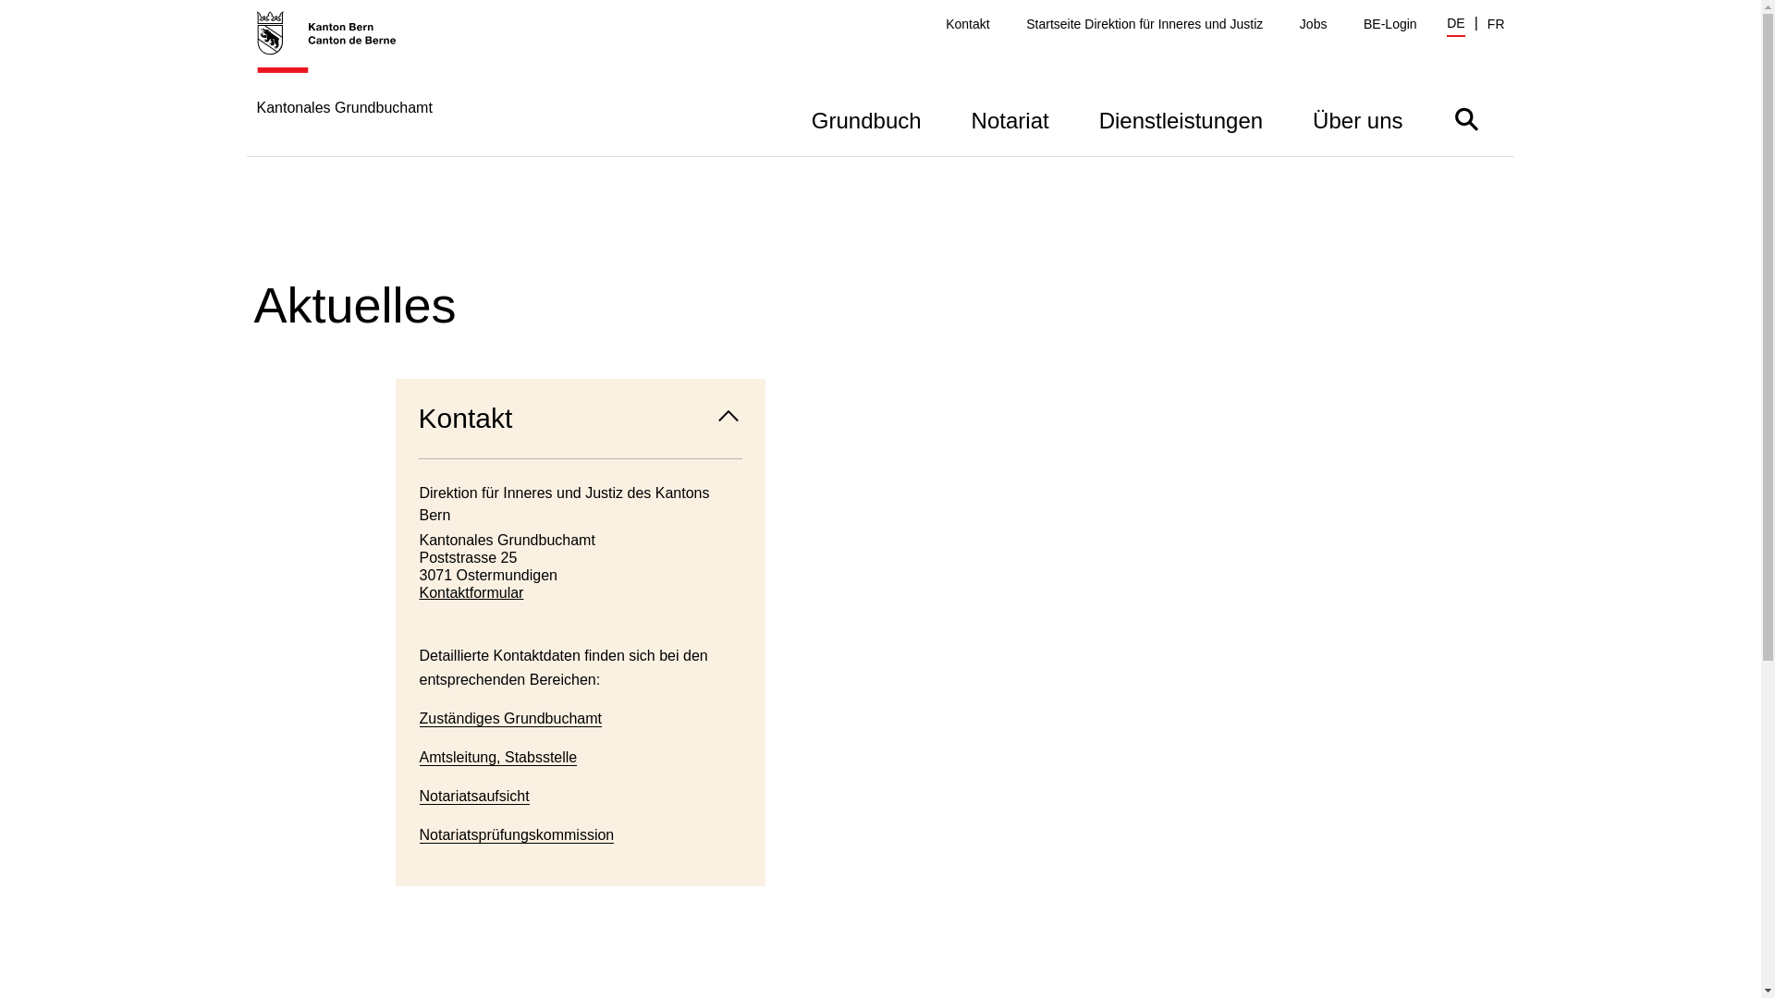  Describe the element at coordinates (1010, 118) in the screenshot. I see `'Notariat'` at that location.